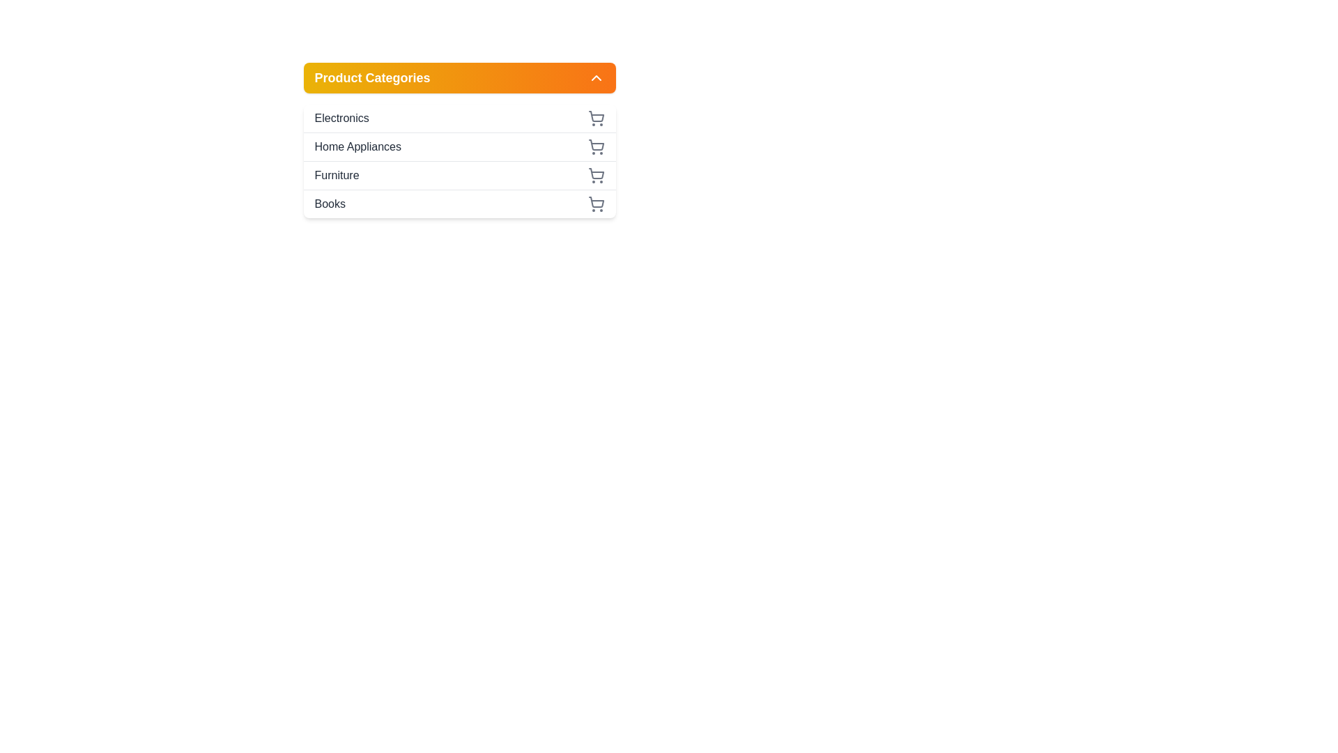 This screenshot has height=753, width=1338. Describe the element at coordinates (459, 146) in the screenshot. I see `the second List Item under 'Product Categories'` at that location.